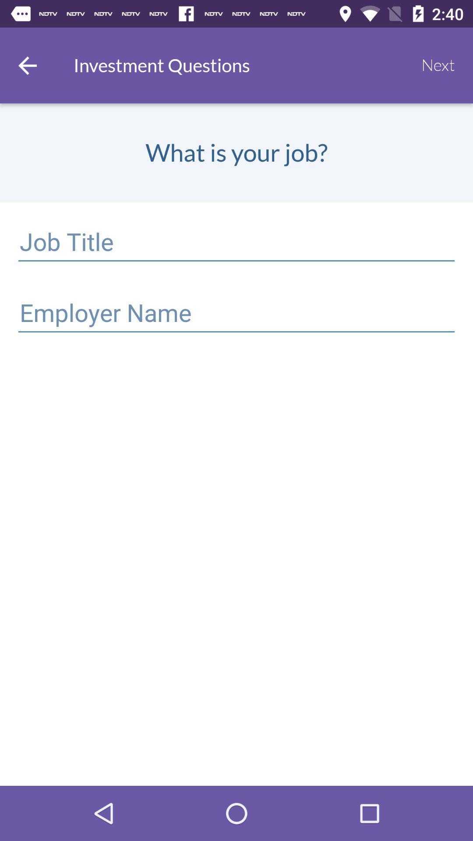 This screenshot has height=841, width=473. What do you see at coordinates (438, 65) in the screenshot?
I see `the item to the right of the investment questions icon` at bounding box center [438, 65].